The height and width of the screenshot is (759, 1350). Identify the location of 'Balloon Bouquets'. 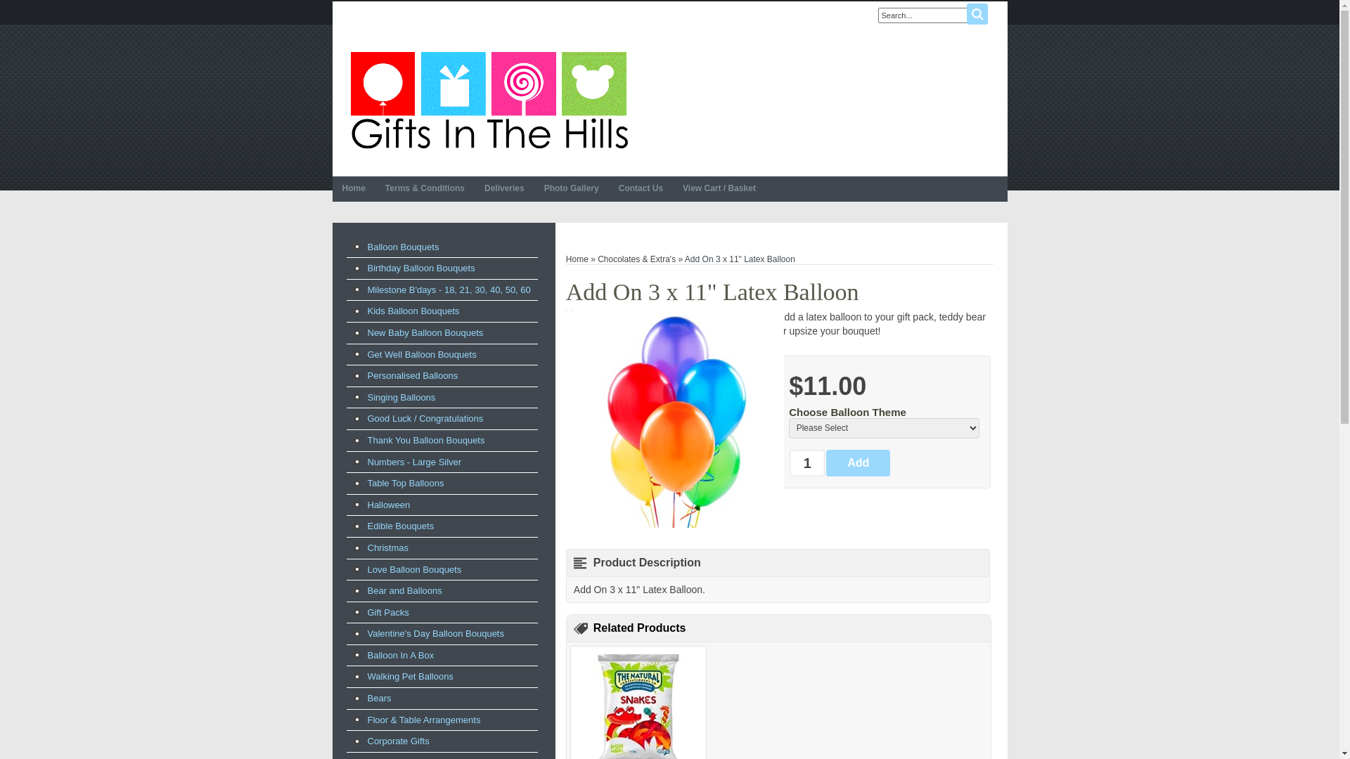
(441, 246).